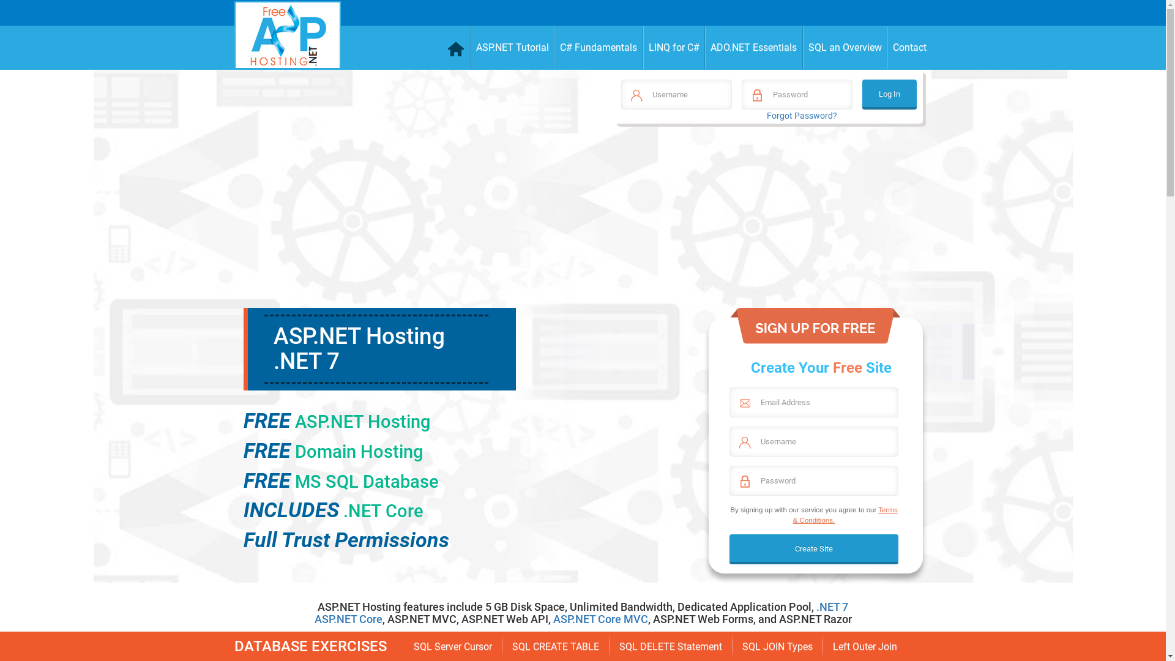 The height and width of the screenshot is (661, 1175). Describe the element at coordinates (767, 222) in the screenshot. I see `'Advertisement'` at that location.